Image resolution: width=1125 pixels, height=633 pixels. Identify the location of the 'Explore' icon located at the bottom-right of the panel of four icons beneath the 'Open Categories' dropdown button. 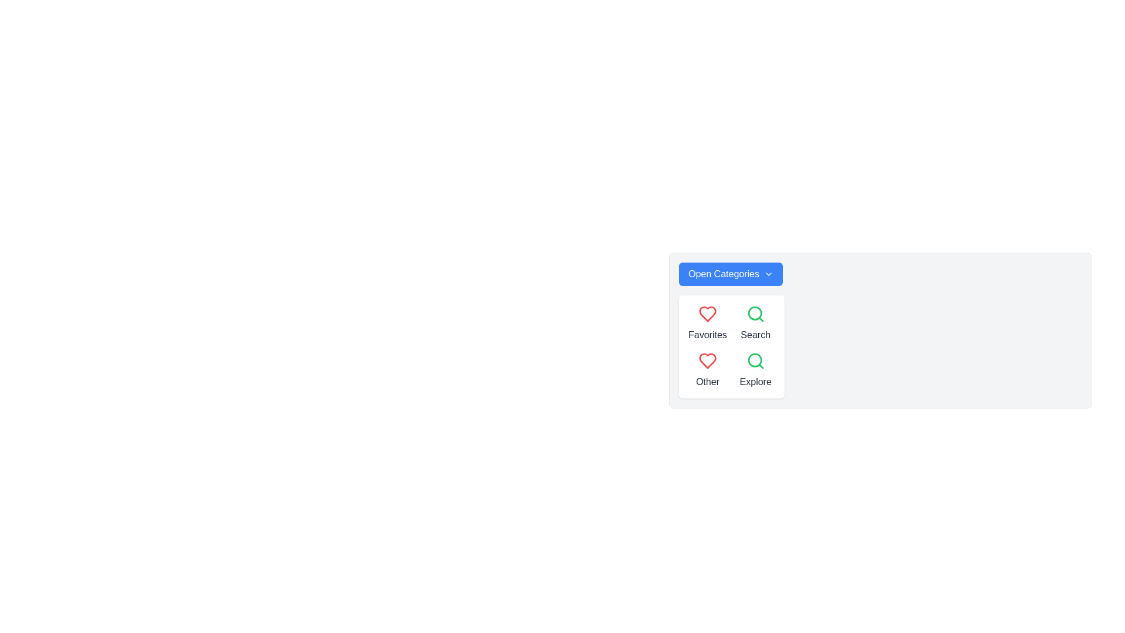
(755, 360).